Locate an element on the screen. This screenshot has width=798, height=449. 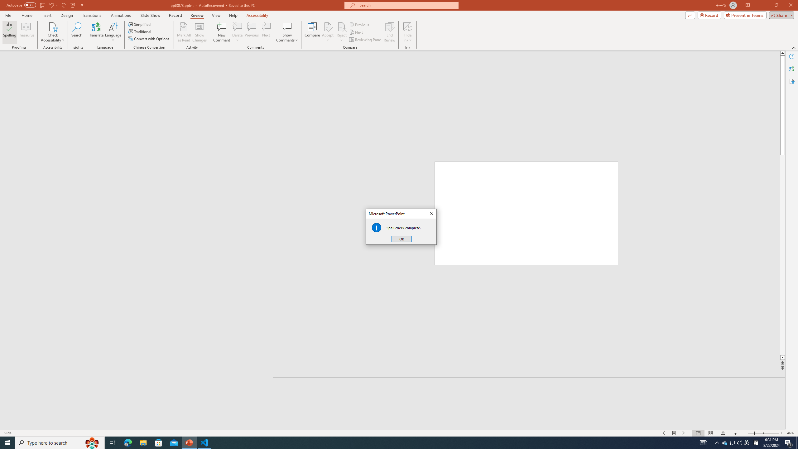
'Normal' is located at coordinates (698, 433).